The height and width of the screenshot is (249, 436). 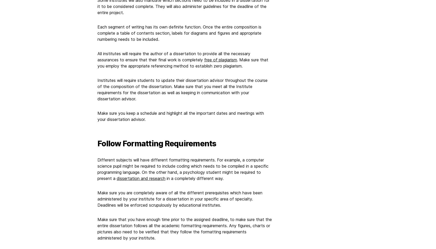 What do you see at coordinates (97, 56) in the screenshot?
I see `'All institutes will require the author of a dissertation to provide all the necessary assurances to ensure that their final work is completely'` at bounding box center [97, 56].